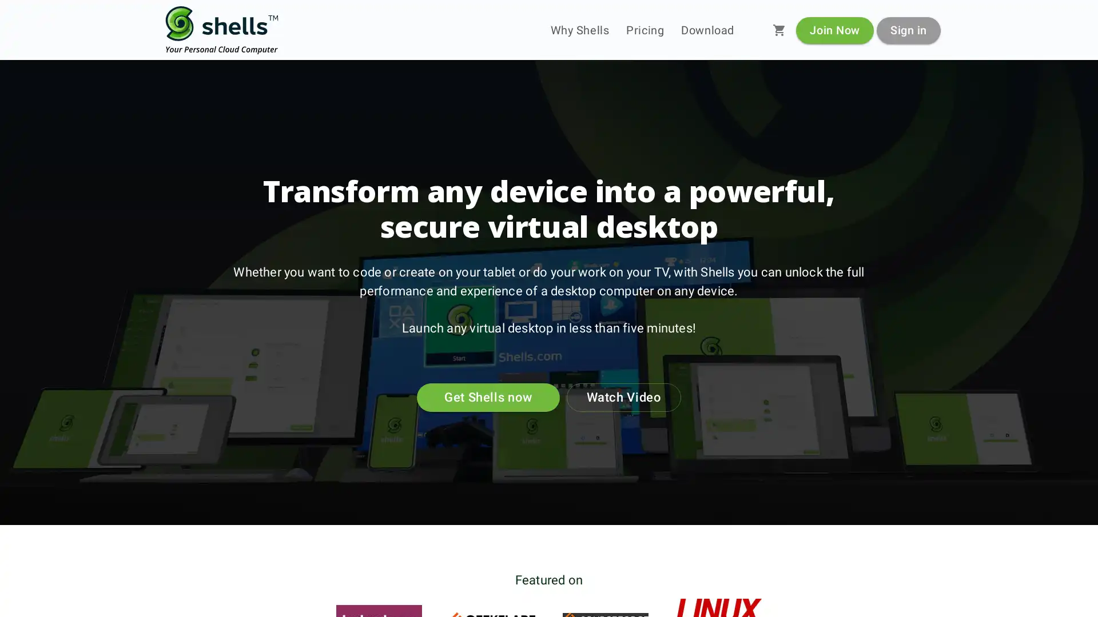  What do you see at coordinates (579, 30) in the screenshot?
I see `Why Shells` at bounding box center [579, 30].